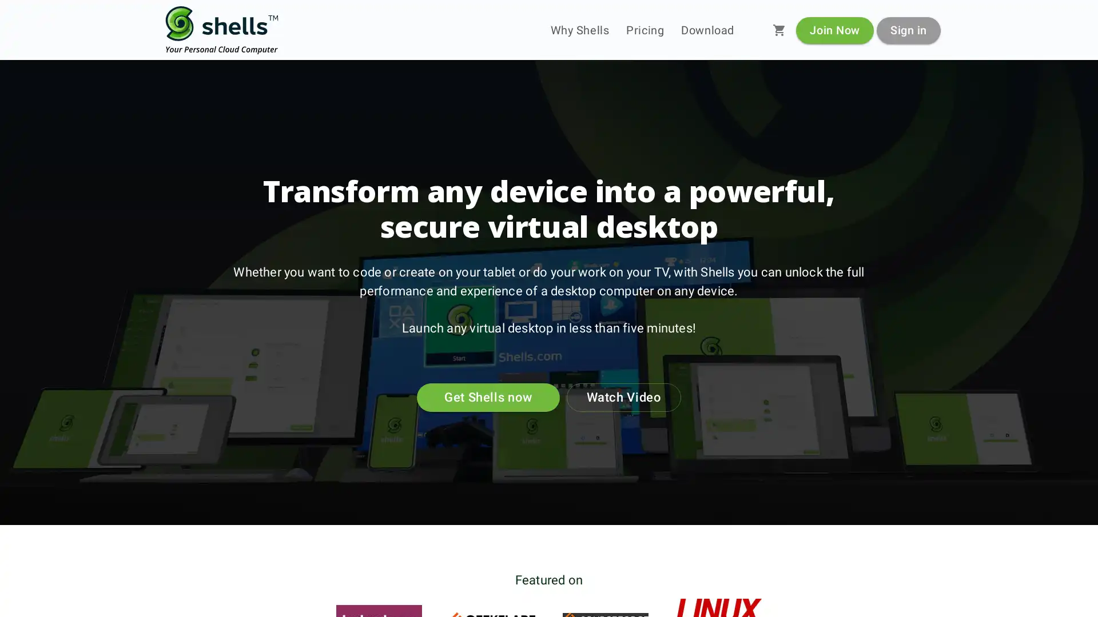  What do you see at coordinates (579, 30) in the screenshot?
I see `Why Shells` at bounding box center [579, 30].